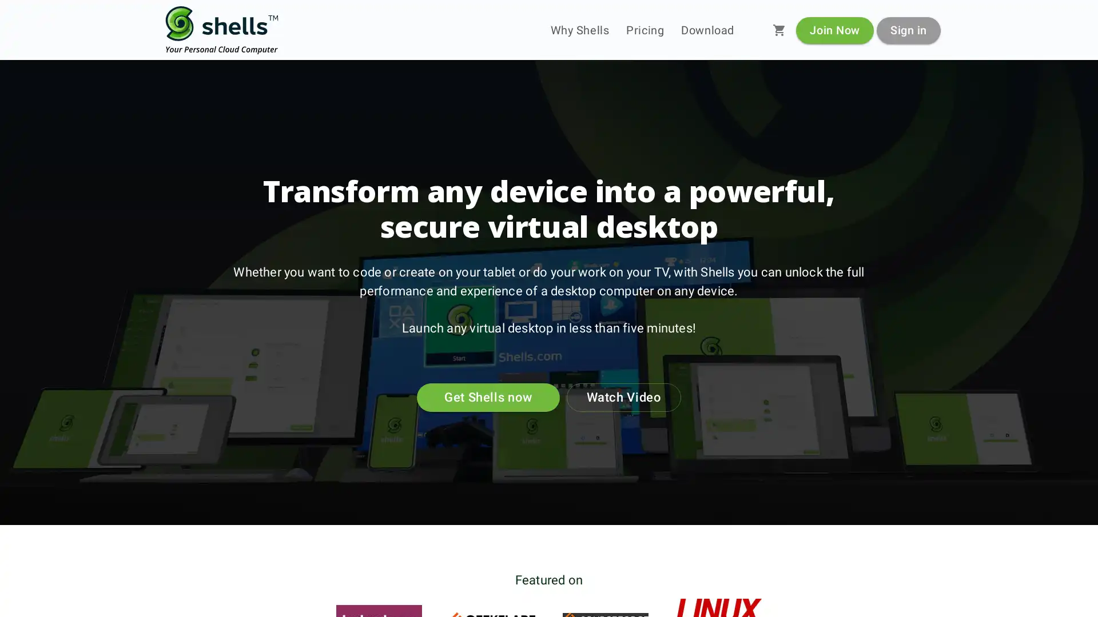  What do you see at coordinates (579, 30) in the screenshot?
I see `Why Shells` at bounding box center [579, 30].